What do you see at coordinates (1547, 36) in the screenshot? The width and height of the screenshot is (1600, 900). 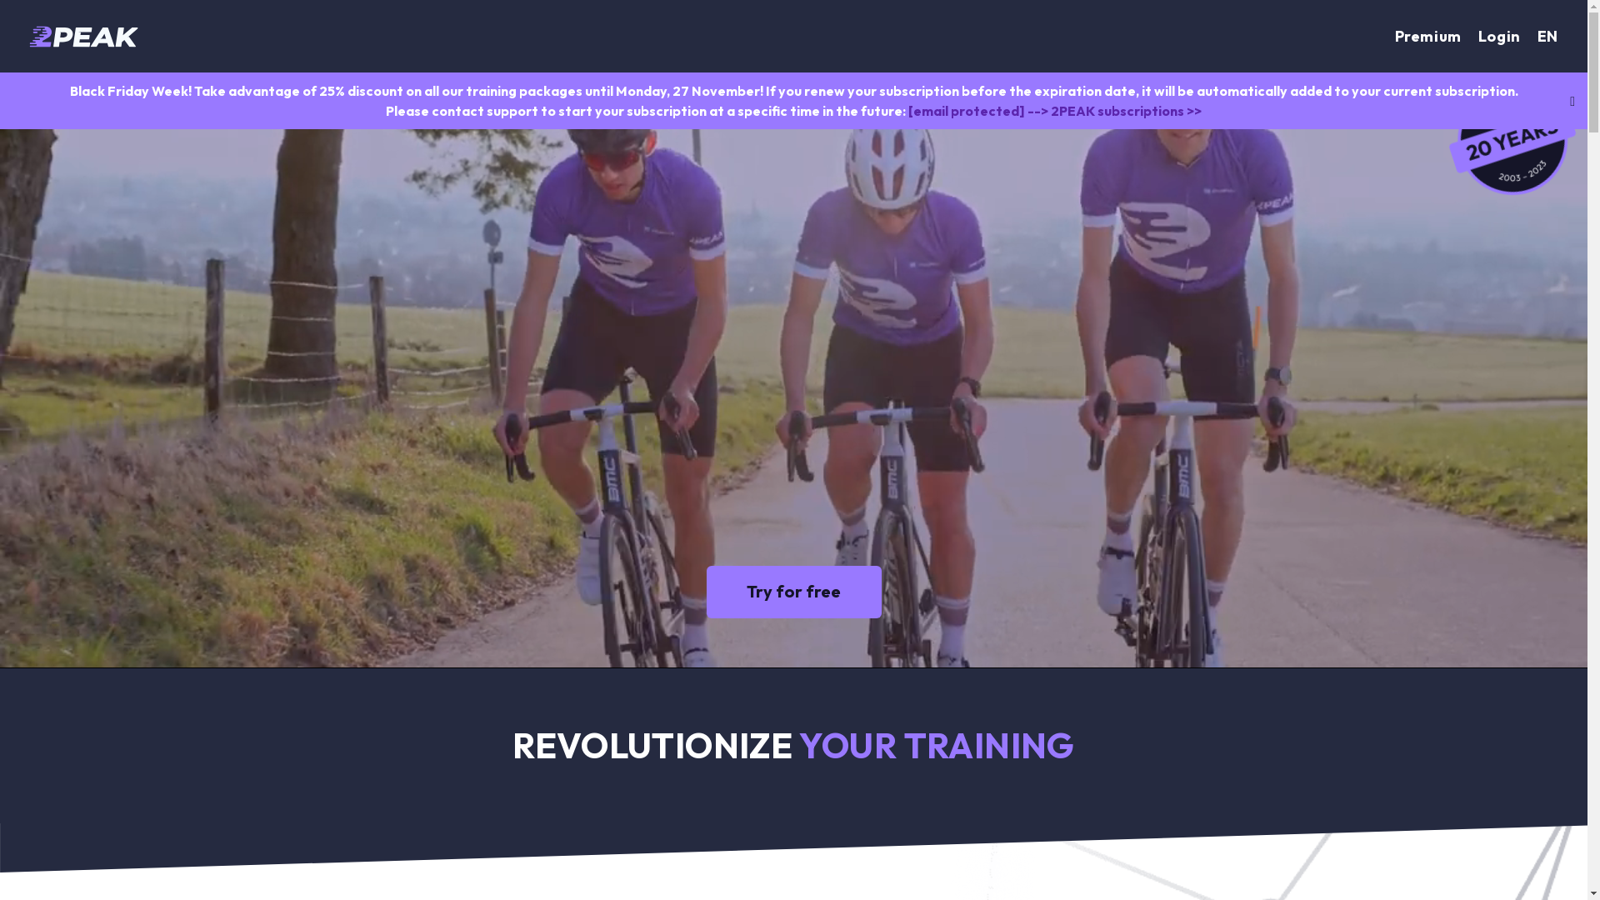 I see `'EN'` at bounding box center [1547, 36].